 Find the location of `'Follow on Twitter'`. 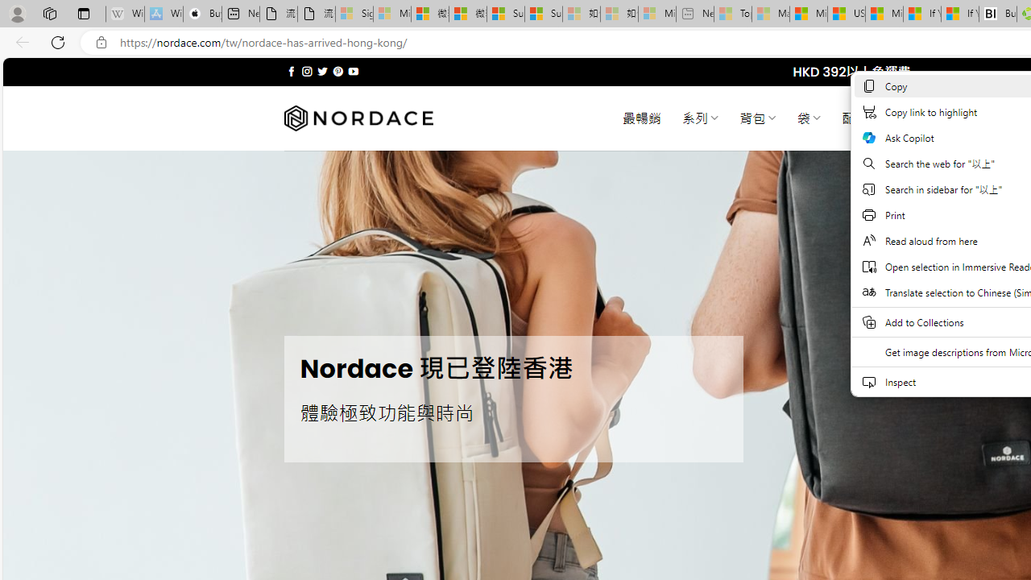

'Follow on Twitter' is located at coordinates (322, 71).